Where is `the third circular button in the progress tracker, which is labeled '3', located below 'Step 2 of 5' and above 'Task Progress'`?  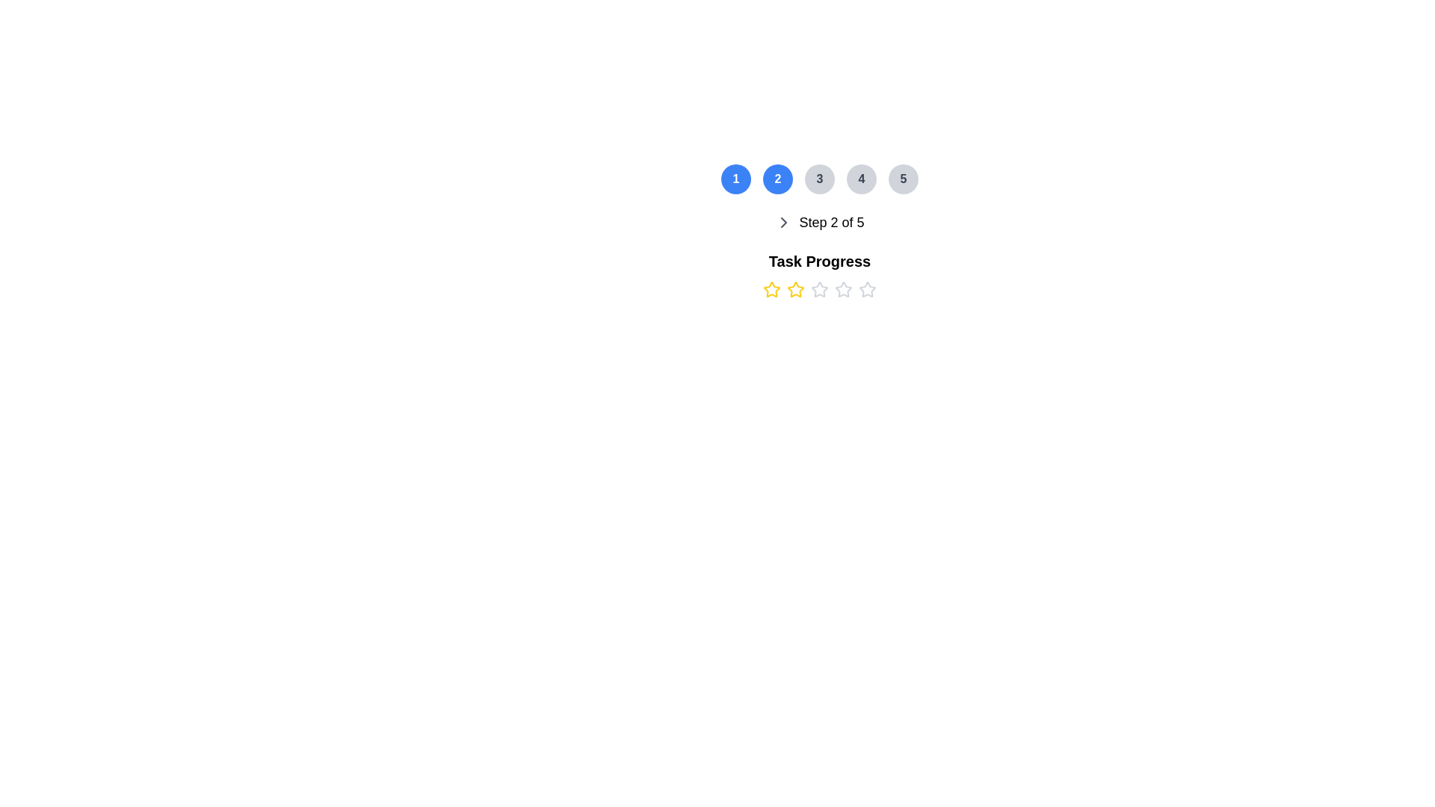
the third circular button in the progress tracker, which is labeled '3', located below 'Step 2 of 5' and above 'Task Progress' is located at coordinates (819, 178).